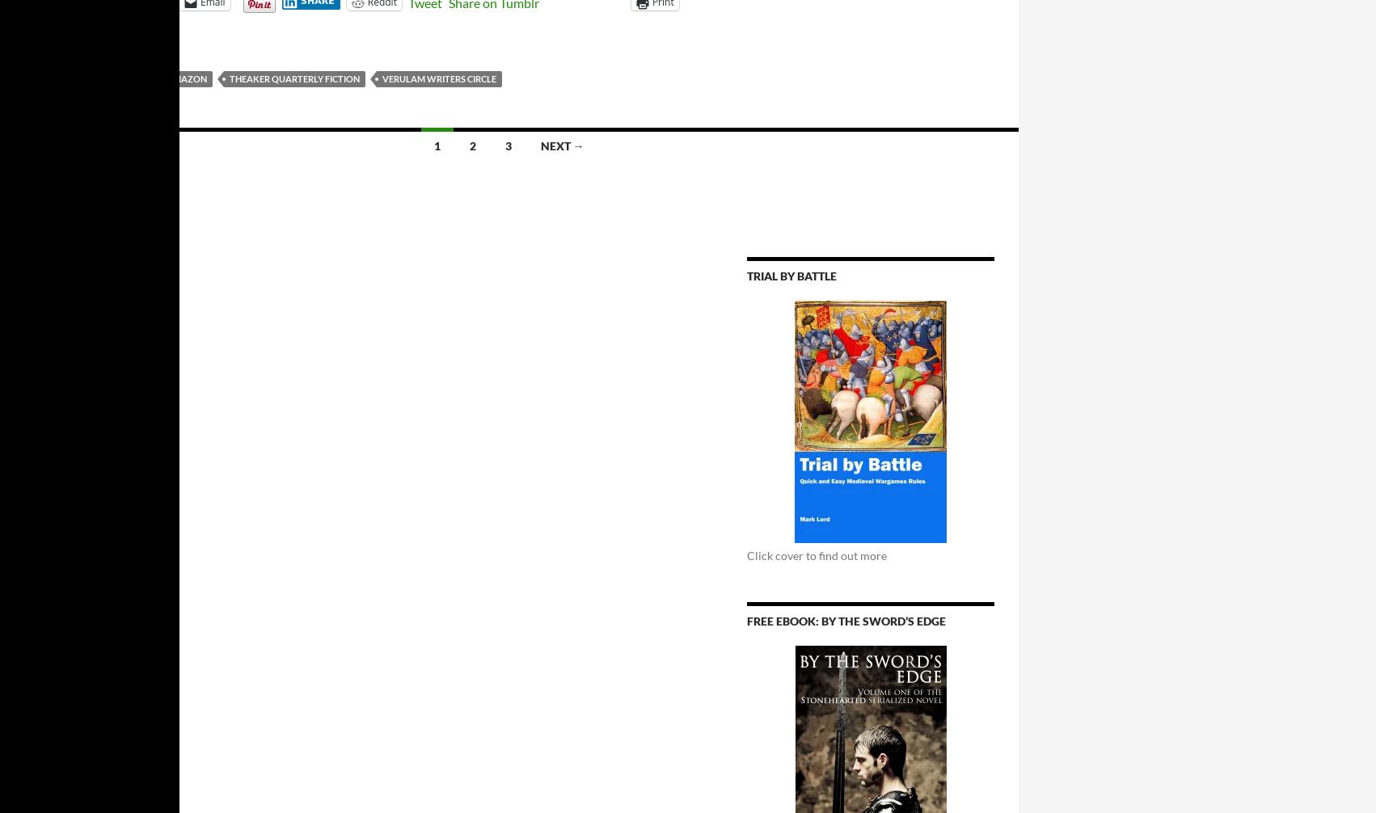  I want to click on 'Click cover to find out more', so click(816, 555).